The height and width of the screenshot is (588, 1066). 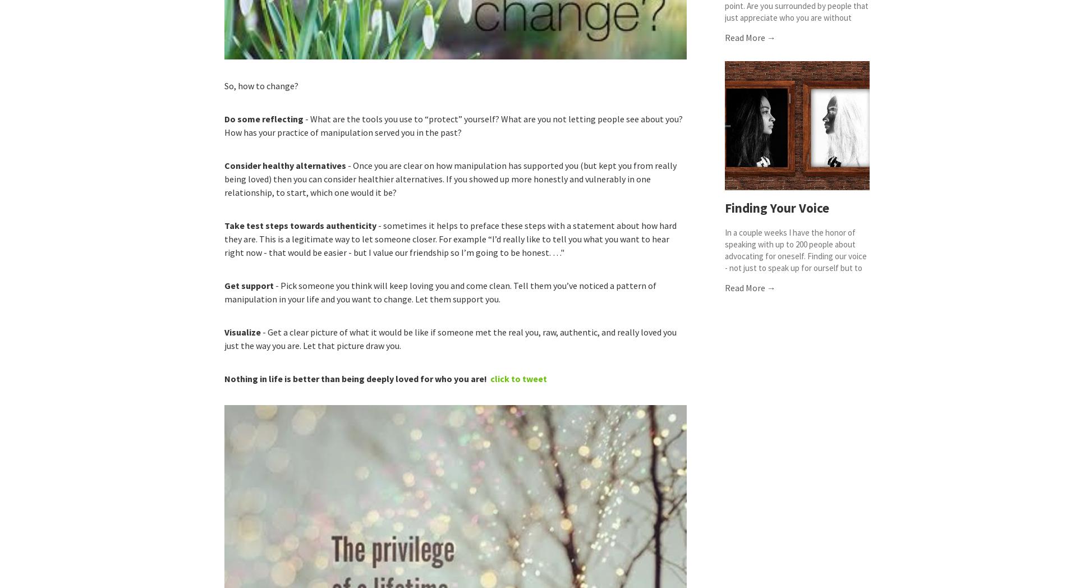 I want to click on 'click to tweet', so click(x=518, y=378).